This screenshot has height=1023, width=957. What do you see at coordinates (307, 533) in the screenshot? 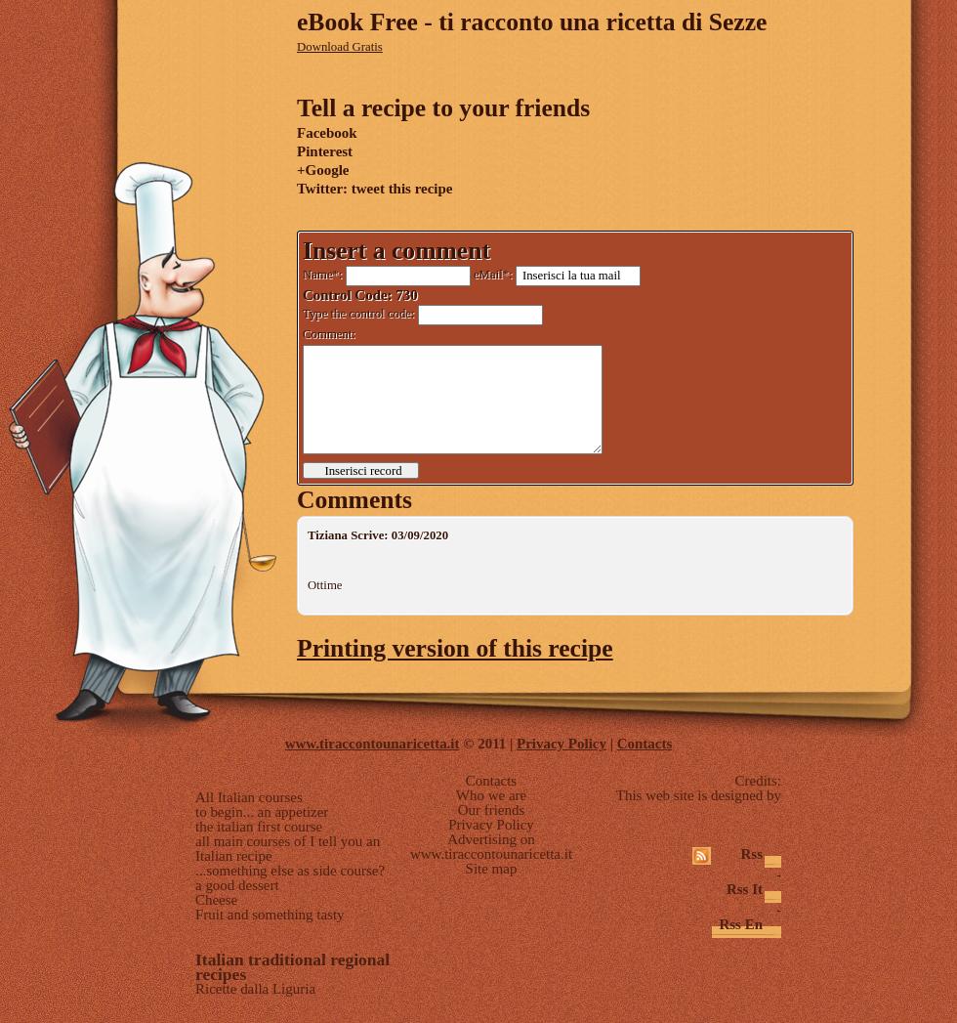
I see `'Tiziana Scrive: 03/09/2020'` at bounding box center [307, 533].